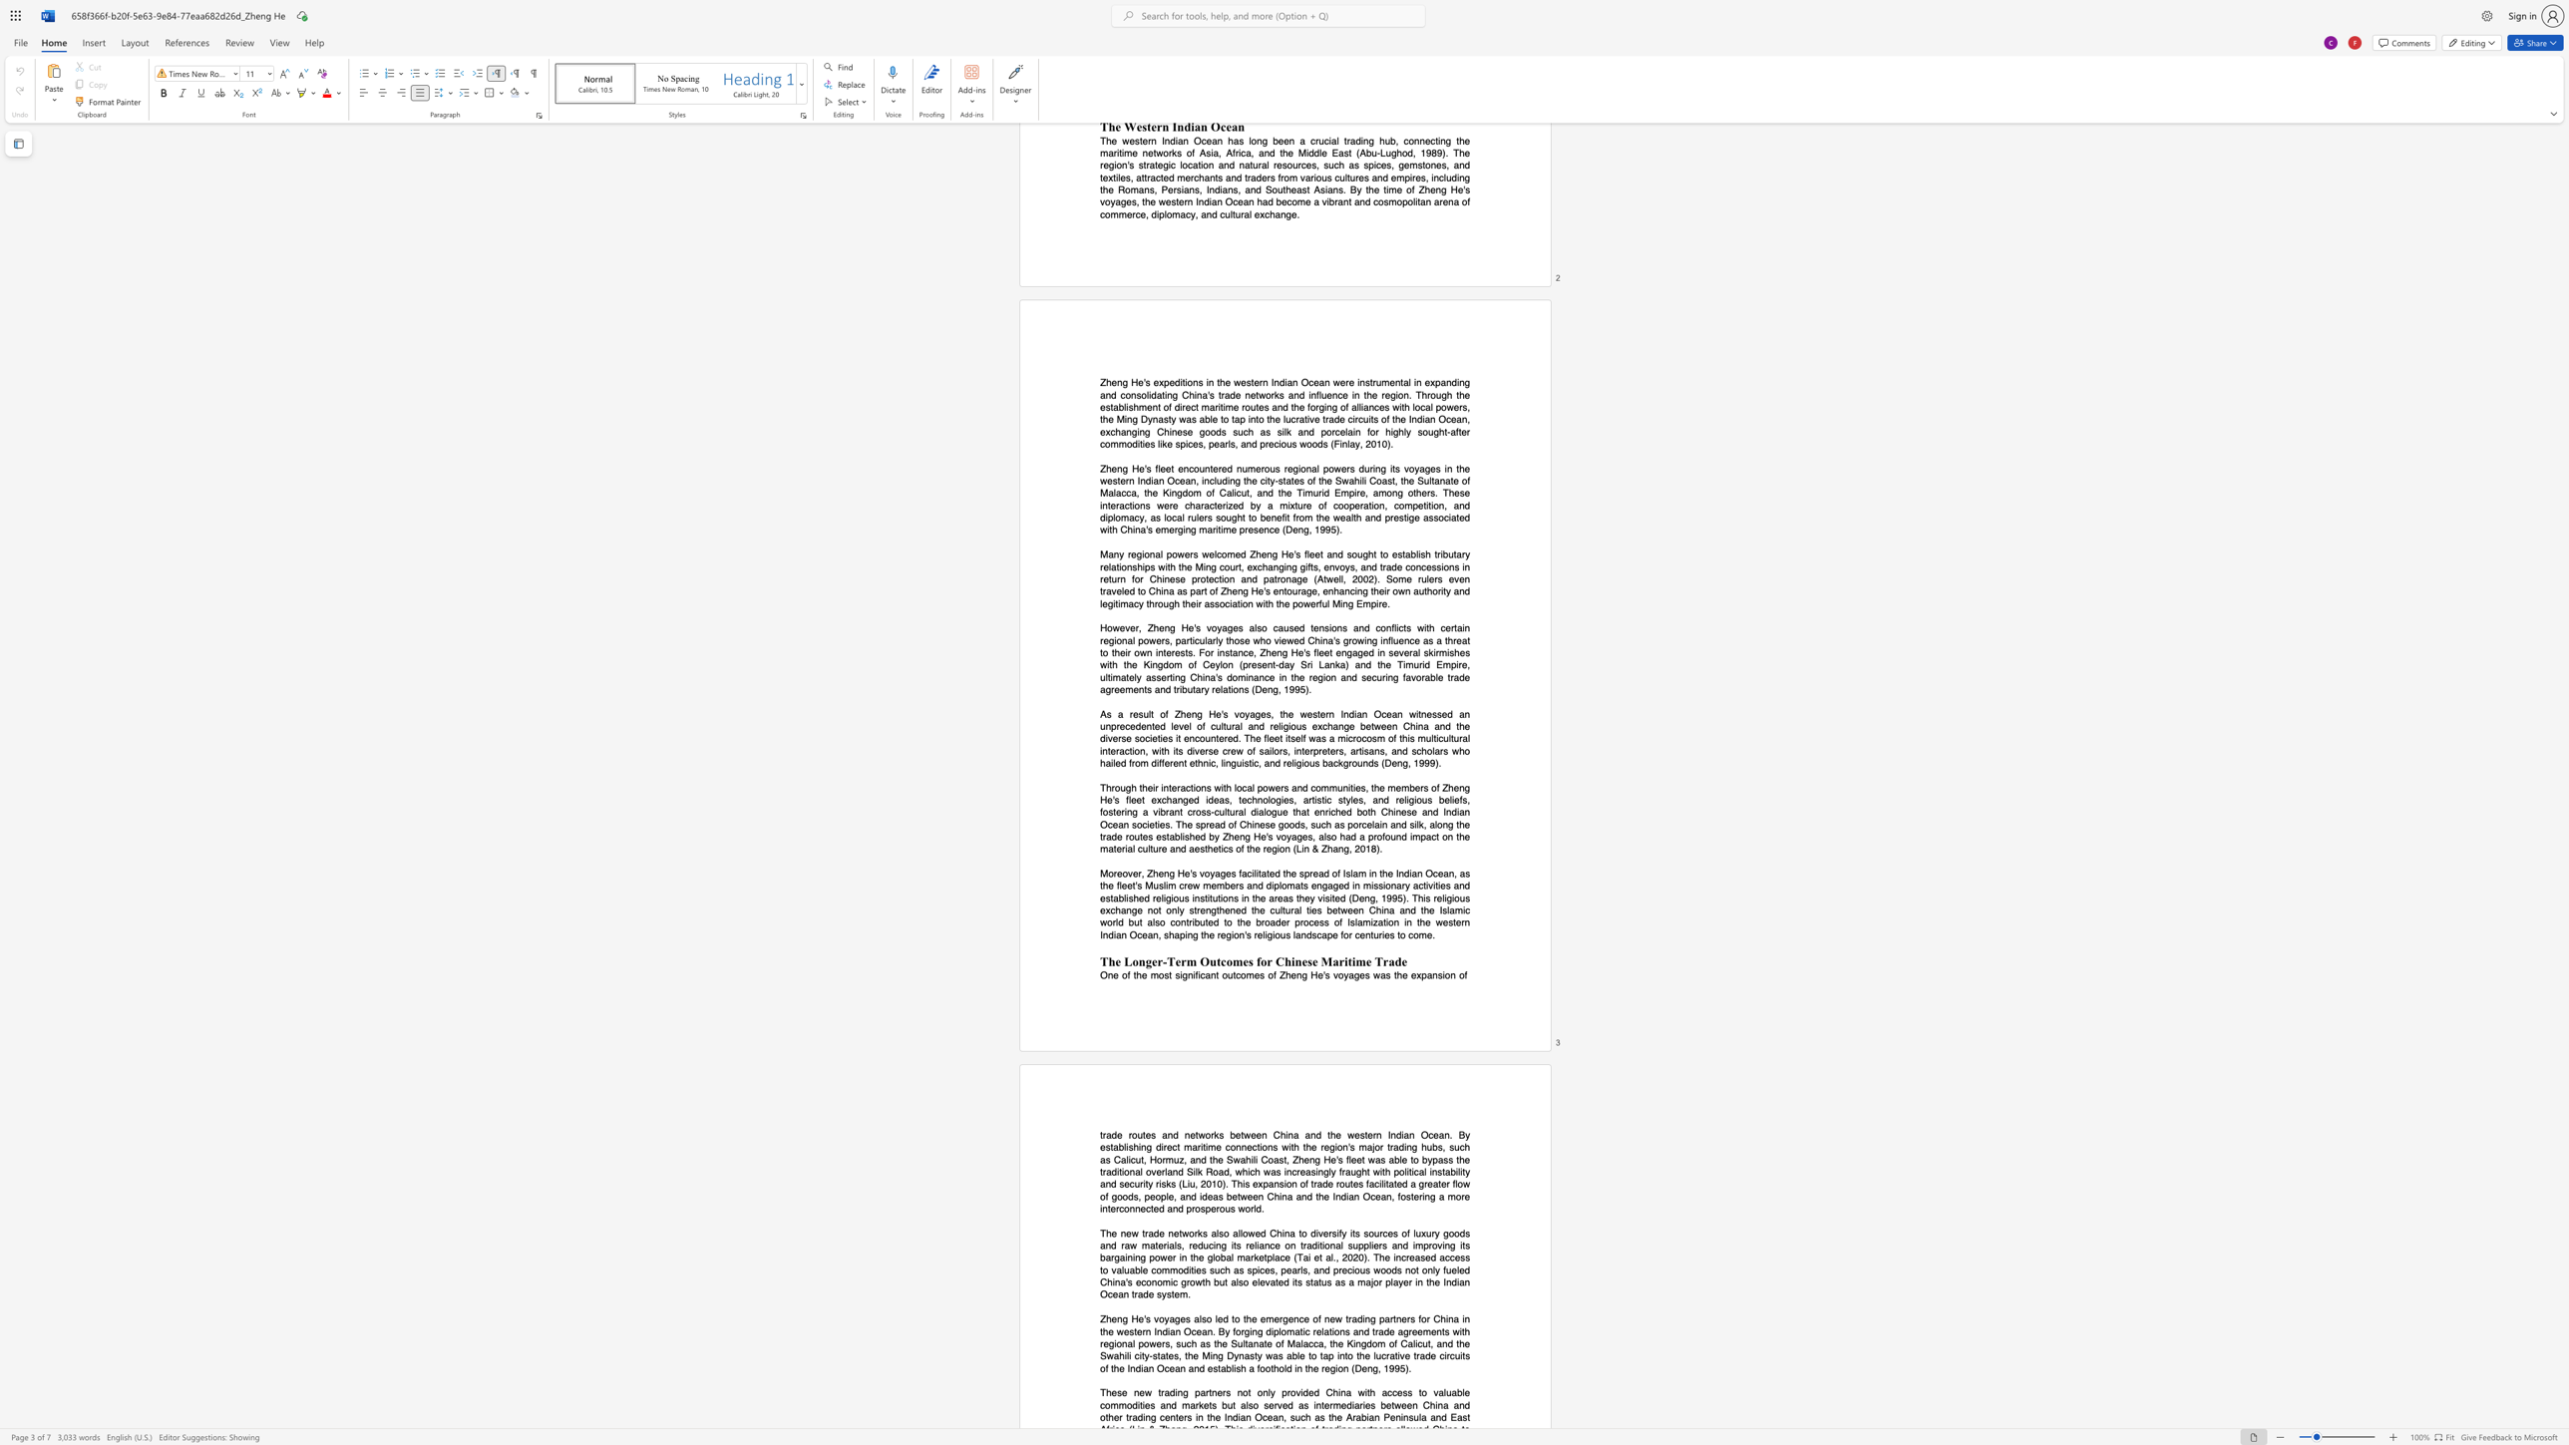 The image size is (2569, 1445). Describe the element at coordinates (1152, 873) in the screenshot. I see `the space between the continuous character "Z" and "h" in the text` at that location.